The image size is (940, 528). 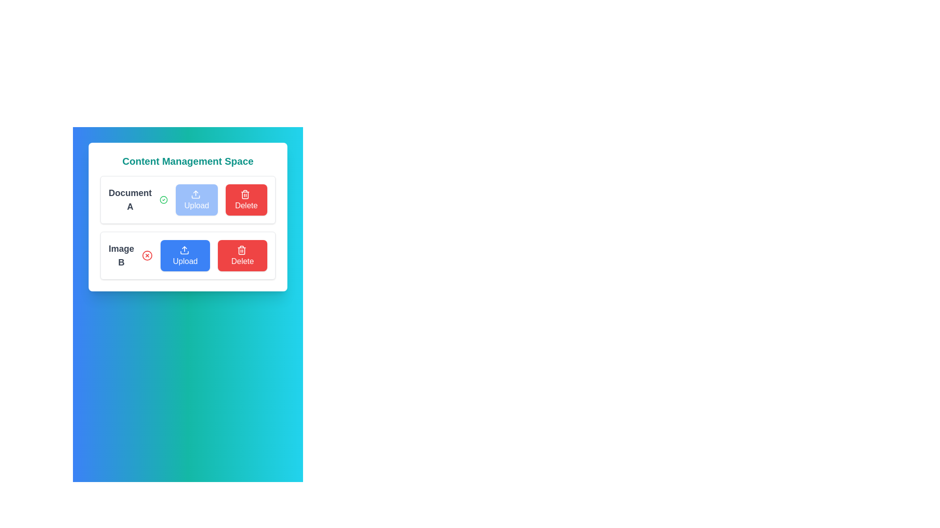 I want to click on the rectangular blue 'Upload' button with a white upward arrow icon, located to the right of 'Document A' and adjacent to the red 'Delete' button, so click(x=196, y=199).